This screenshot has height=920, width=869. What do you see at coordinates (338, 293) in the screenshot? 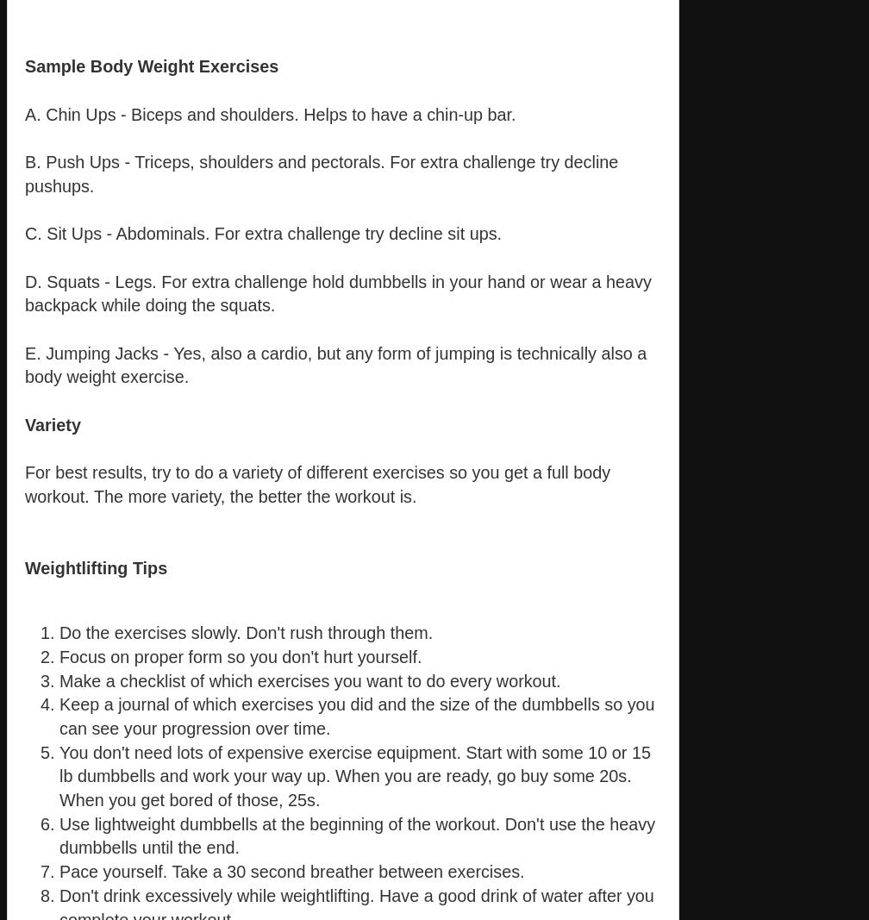
I see `'D. Squats - Legs. For extra challenge hold dumbbells in your hand or wear a heavy backpack while doing the squats.'` at bounding box center [338, 293].